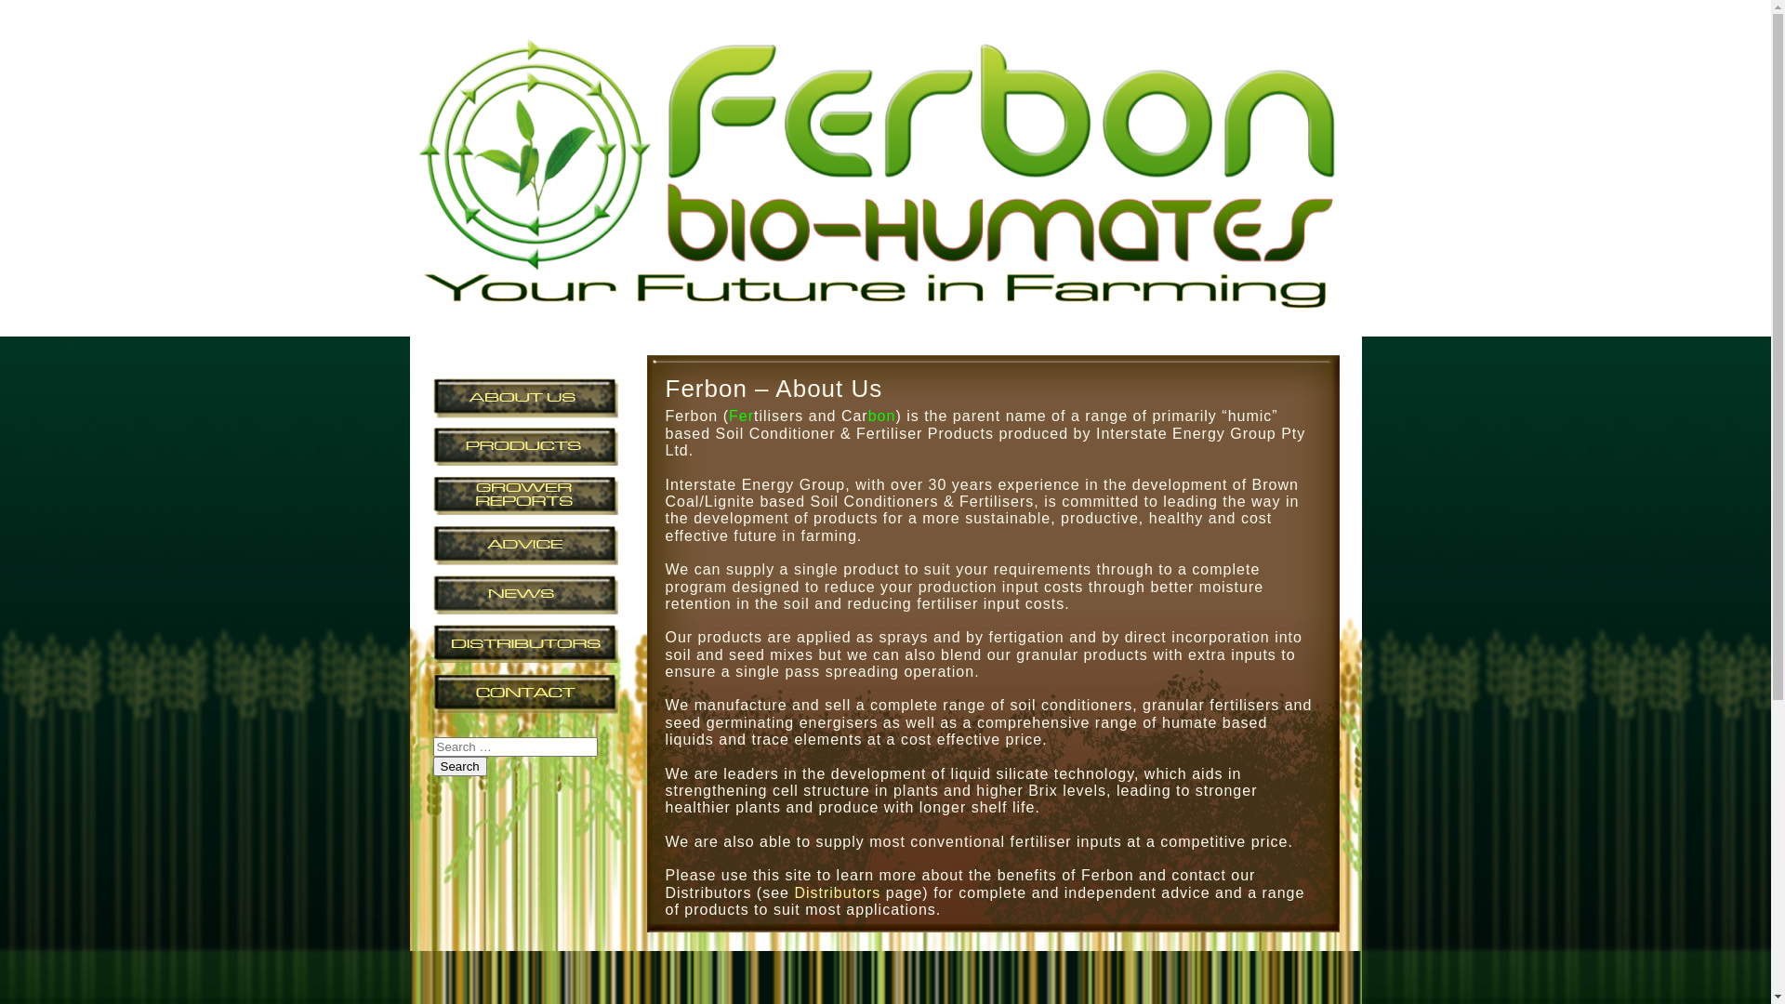 This screenshot has width=1785, height=1004. I want to click on 'Search', so click(431, 766).